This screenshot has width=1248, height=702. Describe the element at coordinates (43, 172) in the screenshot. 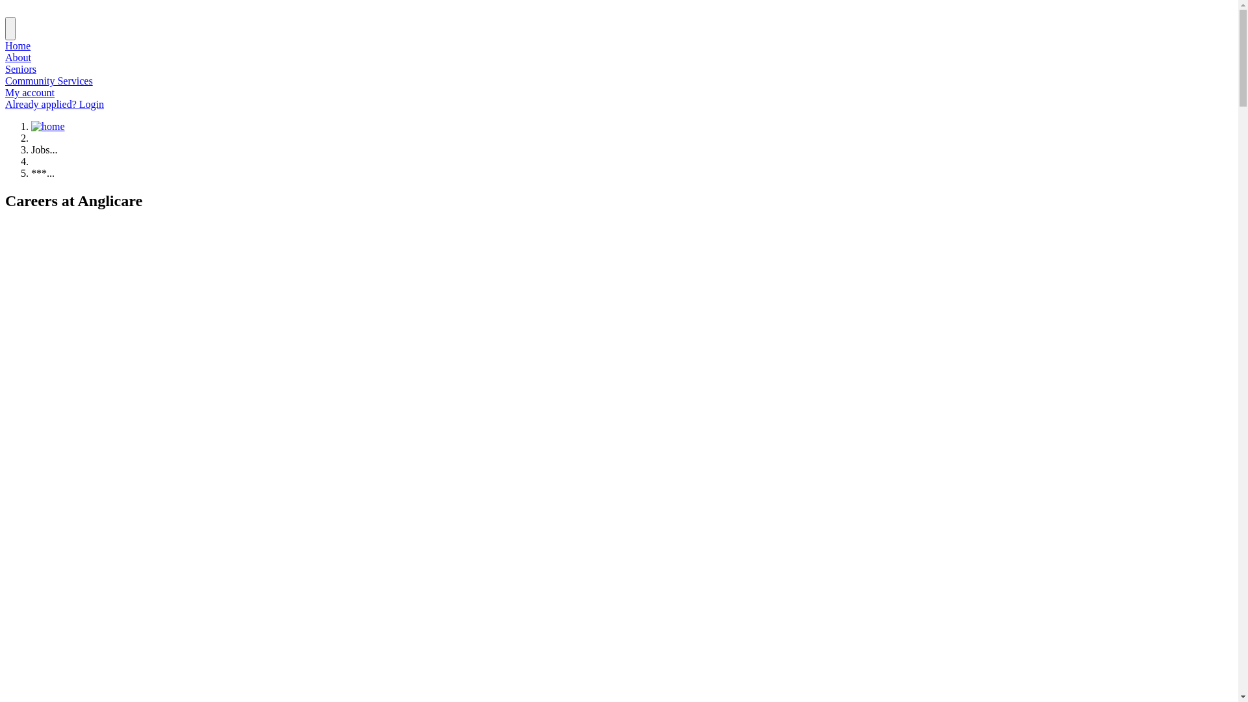

I see `'***...'` at that location.